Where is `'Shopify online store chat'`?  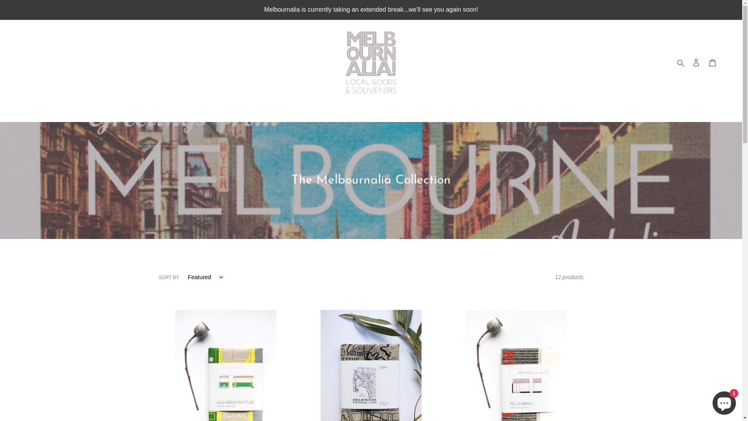
'Shopify online store chat' is located at coordinates (723, 401).